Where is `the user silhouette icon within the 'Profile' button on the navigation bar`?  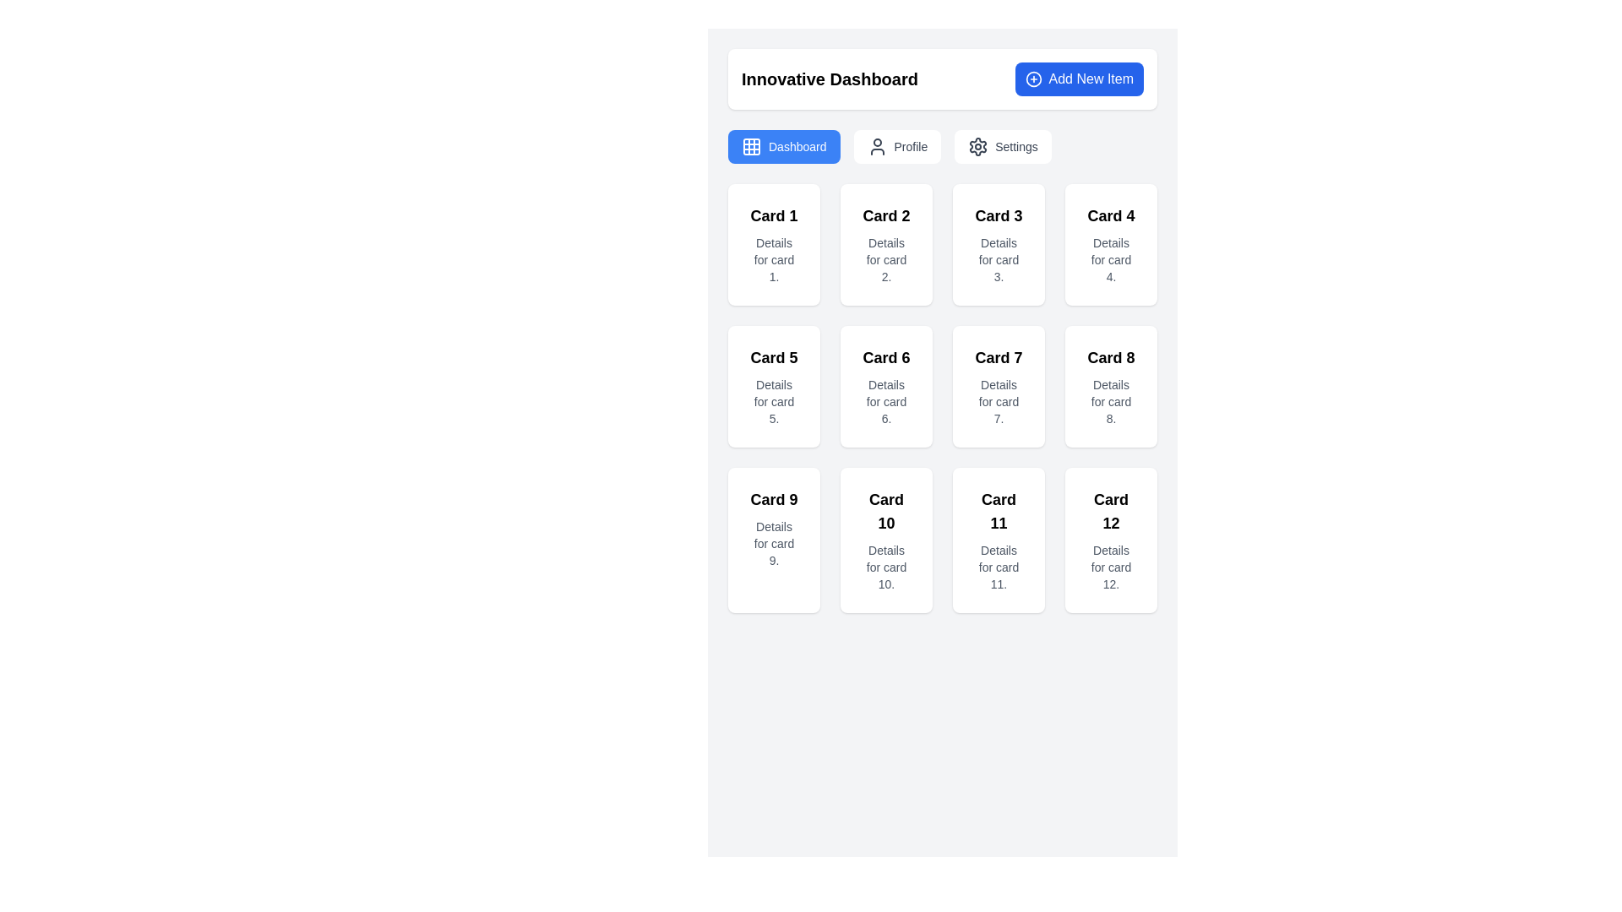 the user silhouette icon within the 'Profile' button on the navigation bar is located at coordinates (877, 145).